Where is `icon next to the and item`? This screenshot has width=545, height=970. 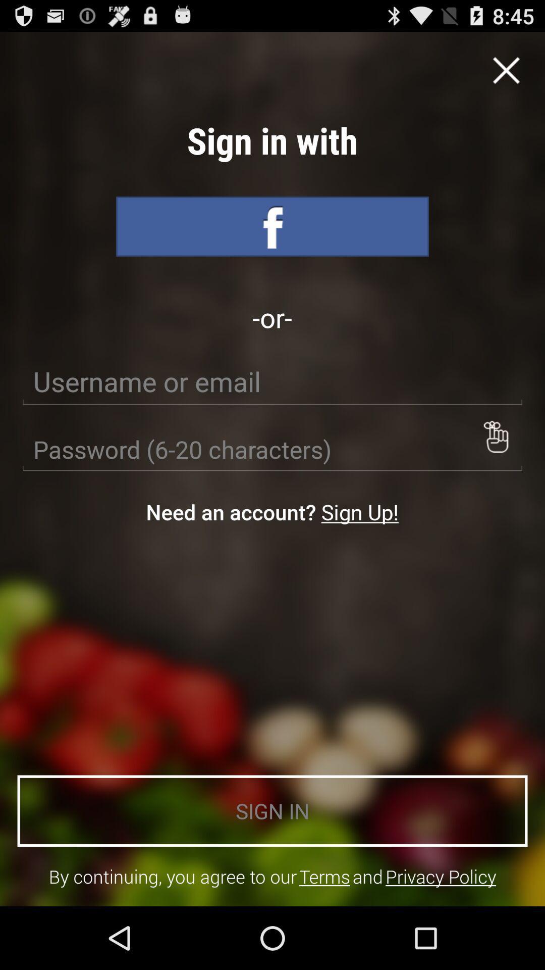 icon next to the and item is located at coordinates (324, 876).